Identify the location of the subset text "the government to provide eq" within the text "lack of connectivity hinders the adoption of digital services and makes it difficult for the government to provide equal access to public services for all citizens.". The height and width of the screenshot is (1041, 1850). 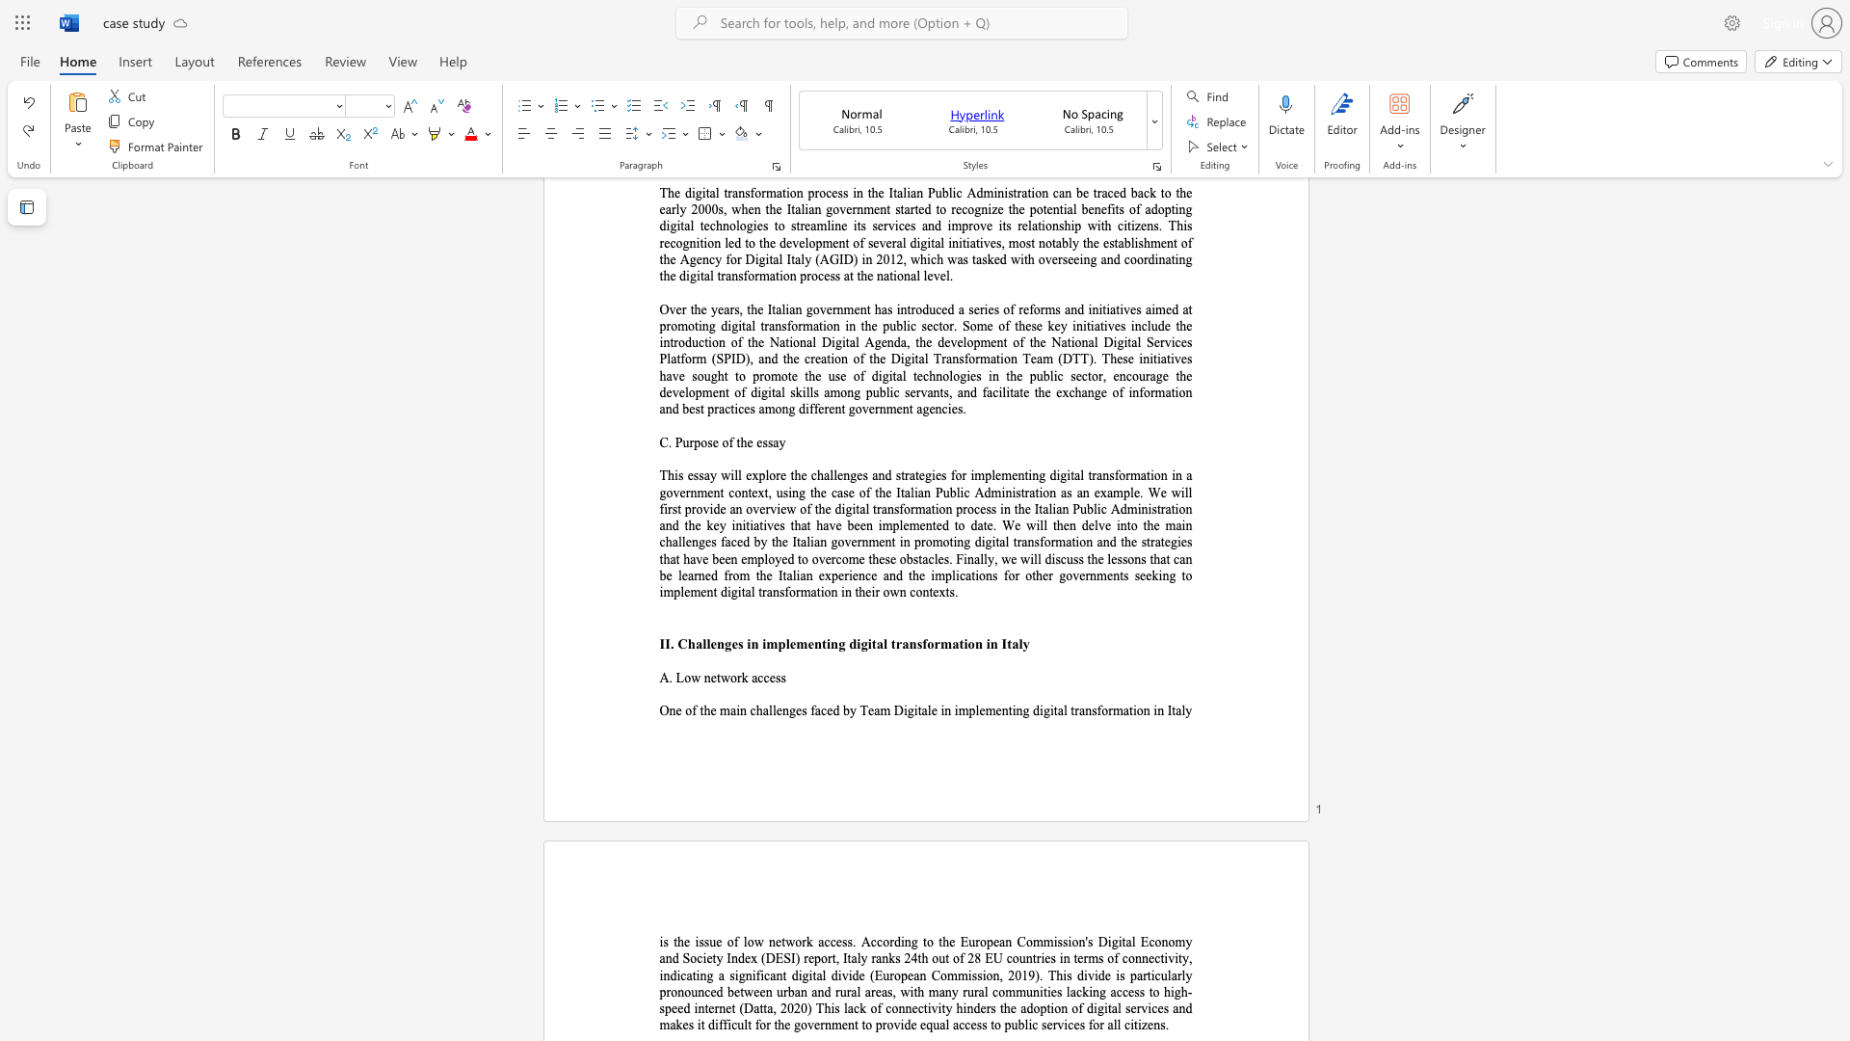
(774, 1024).